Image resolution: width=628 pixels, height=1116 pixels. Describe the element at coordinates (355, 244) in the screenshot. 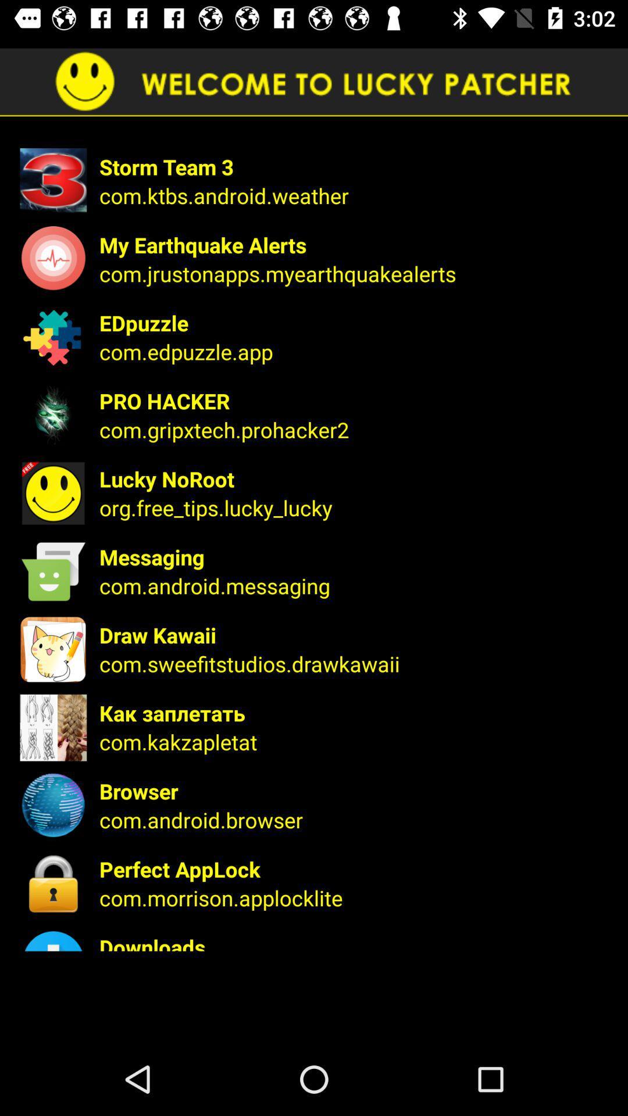

I see `my earthquake alerts icon` at that location.